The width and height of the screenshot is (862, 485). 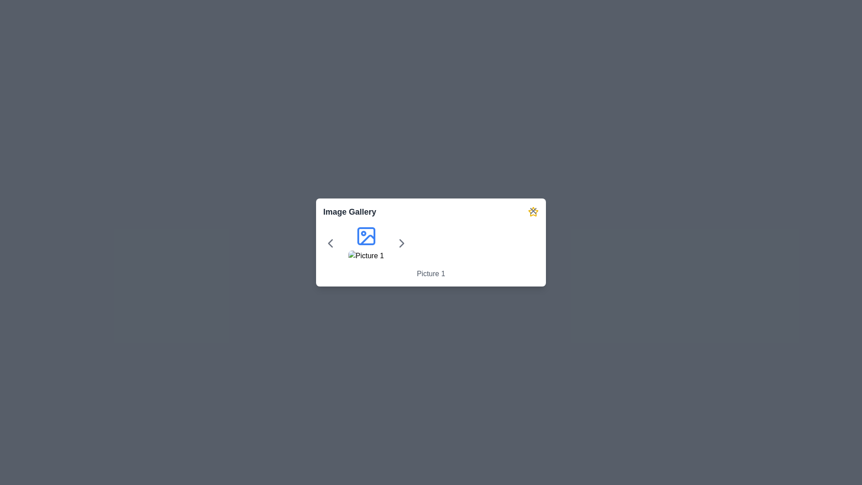 I want to click on the top-most SVG element located in the modal dialog box titled 'Image Gallery', which visually represents an image or image-related action, so click(x=366, y=235).